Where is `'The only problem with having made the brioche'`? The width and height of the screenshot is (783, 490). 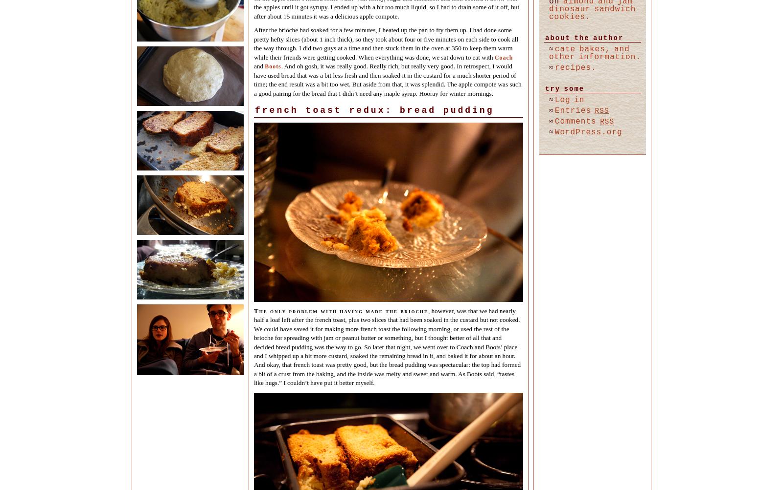
'The only problem with having made the brioche' is located at coordinates (341, 310).